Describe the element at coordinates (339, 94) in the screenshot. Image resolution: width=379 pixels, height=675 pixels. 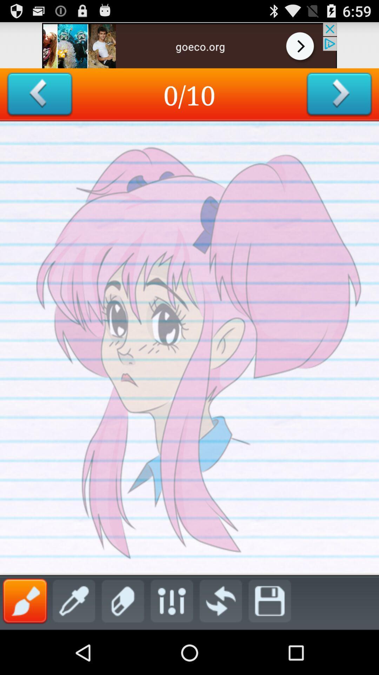
I see `goes to the next slide` at that location.